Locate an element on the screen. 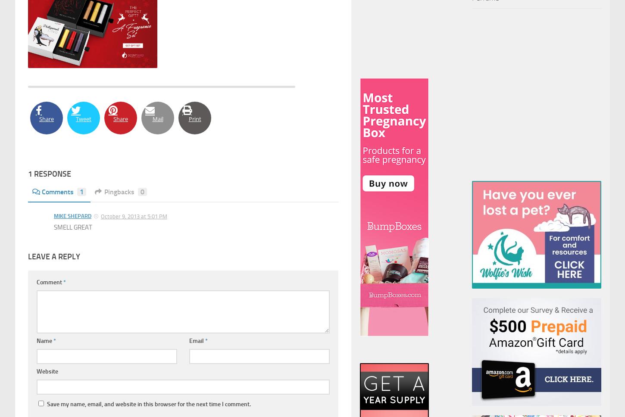 The image size is (625, 417). 'SMELL GREAT' is located at coordinates (72, 226).